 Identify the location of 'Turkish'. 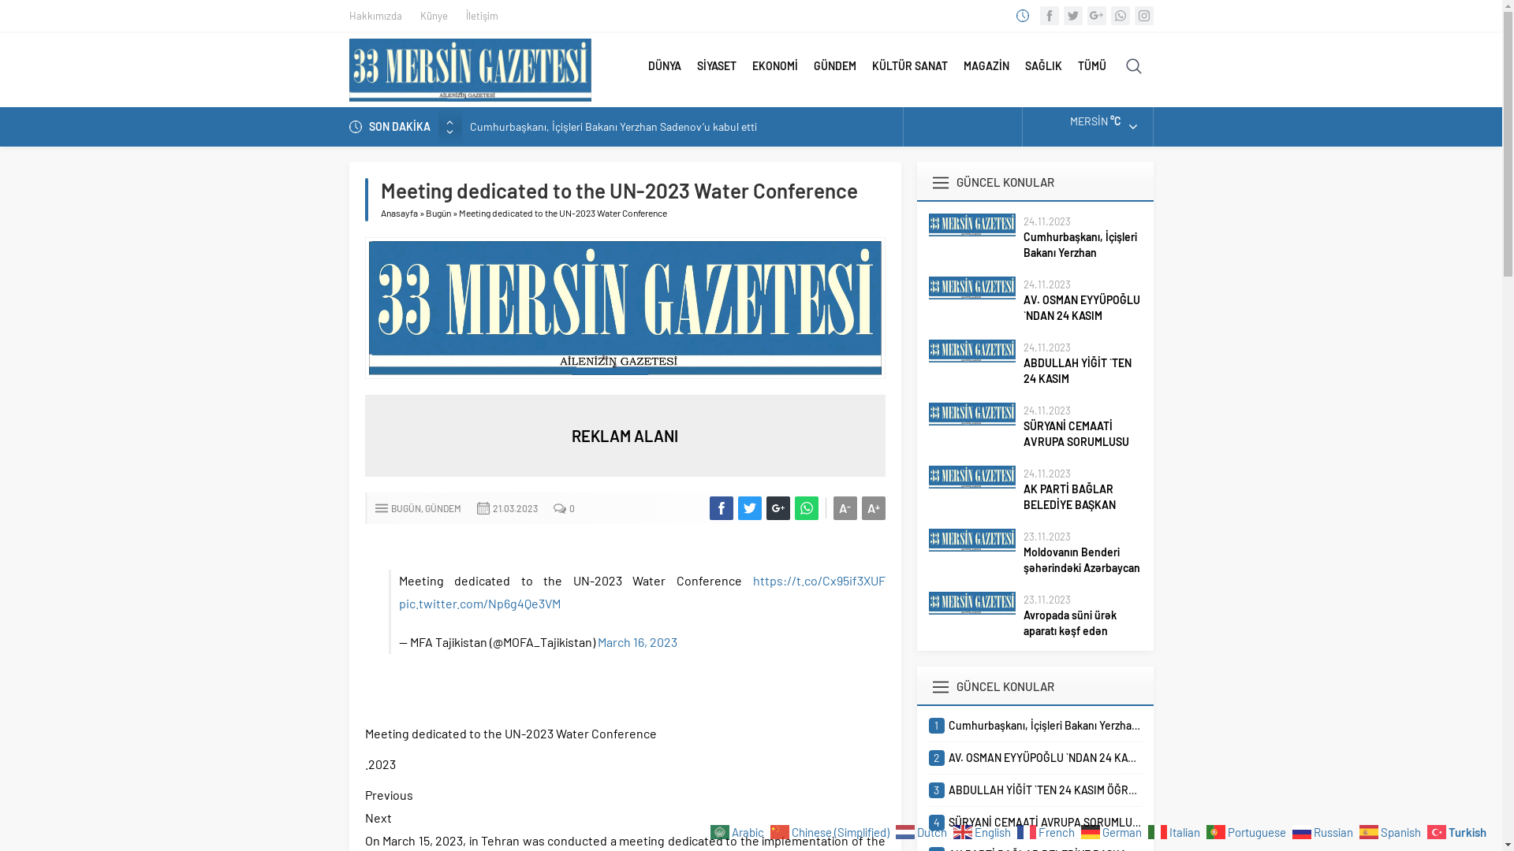
(1457, 830).